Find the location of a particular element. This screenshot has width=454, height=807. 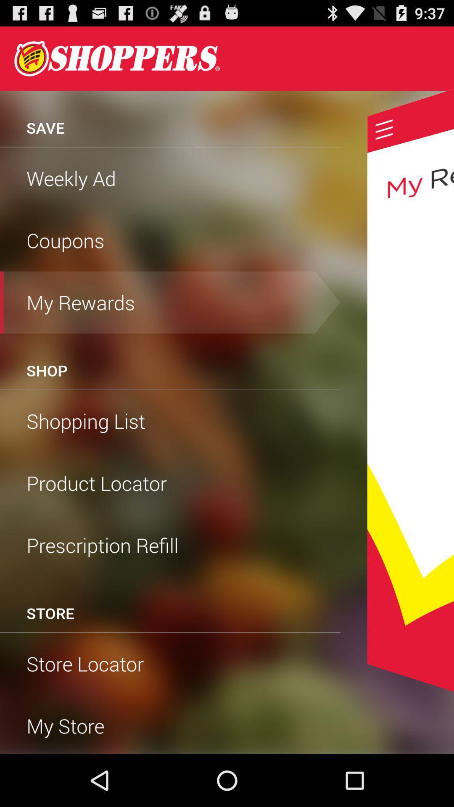

rewards display menu is located at coordinates (410, 390).